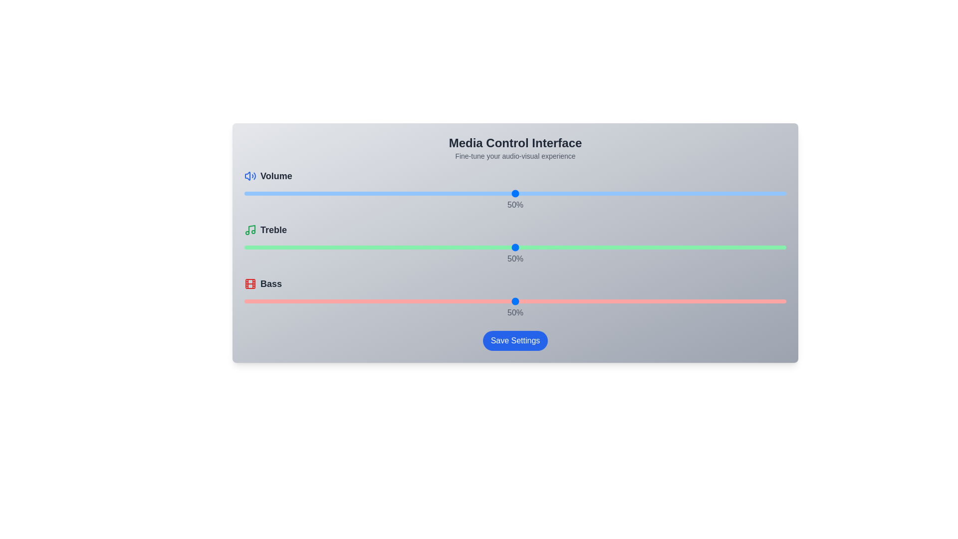  I want to click on bass level, so click(645, 301).